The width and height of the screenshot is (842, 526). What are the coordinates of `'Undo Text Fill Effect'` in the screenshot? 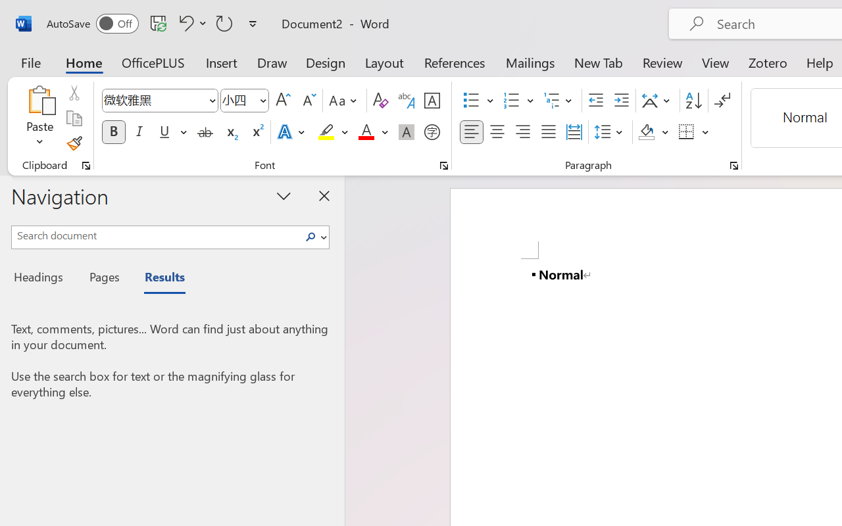 It's located at (190, 22).